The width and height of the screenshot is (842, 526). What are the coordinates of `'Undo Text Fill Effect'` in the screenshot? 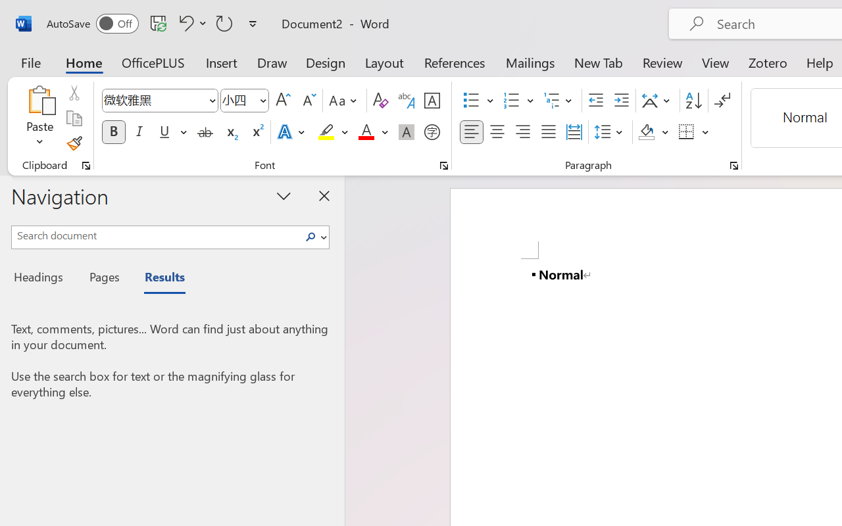 It's located at (190, 22).